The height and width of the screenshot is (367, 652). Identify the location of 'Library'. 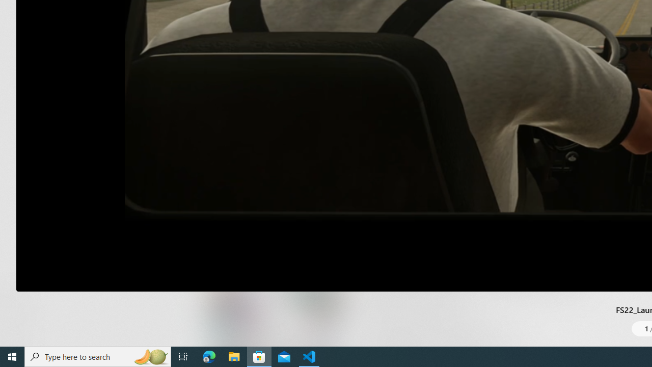
(18, 326).